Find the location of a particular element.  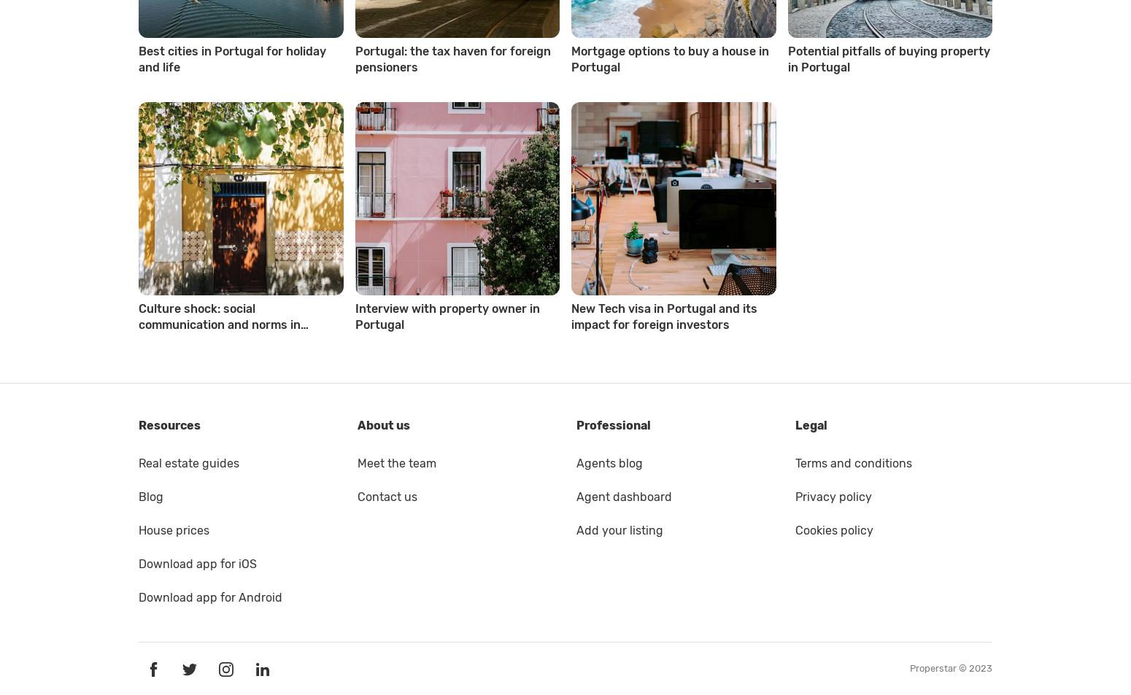

'Real estate guides' is located at coordinates (189, 462).